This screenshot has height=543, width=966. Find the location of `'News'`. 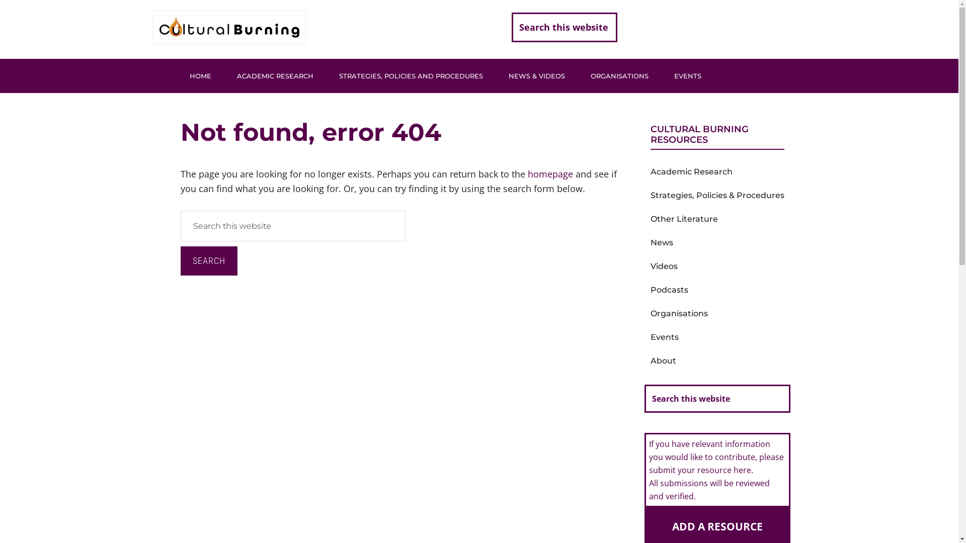

'News' is located at coordinates (661, 242).